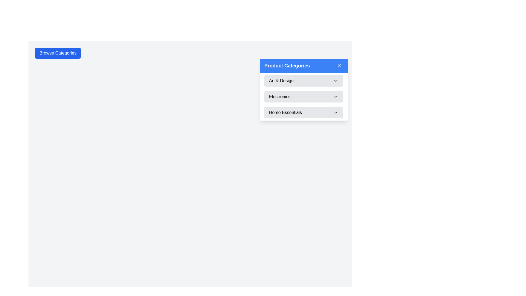 The width and height of the screenshot is (526, 296). What do you see at coordinates (339, 65) in the screenshot?
I see `the interactive close button located at the top-right corner of the blue header containing the text 'Product Categories'` at bounding box center [339, 65].